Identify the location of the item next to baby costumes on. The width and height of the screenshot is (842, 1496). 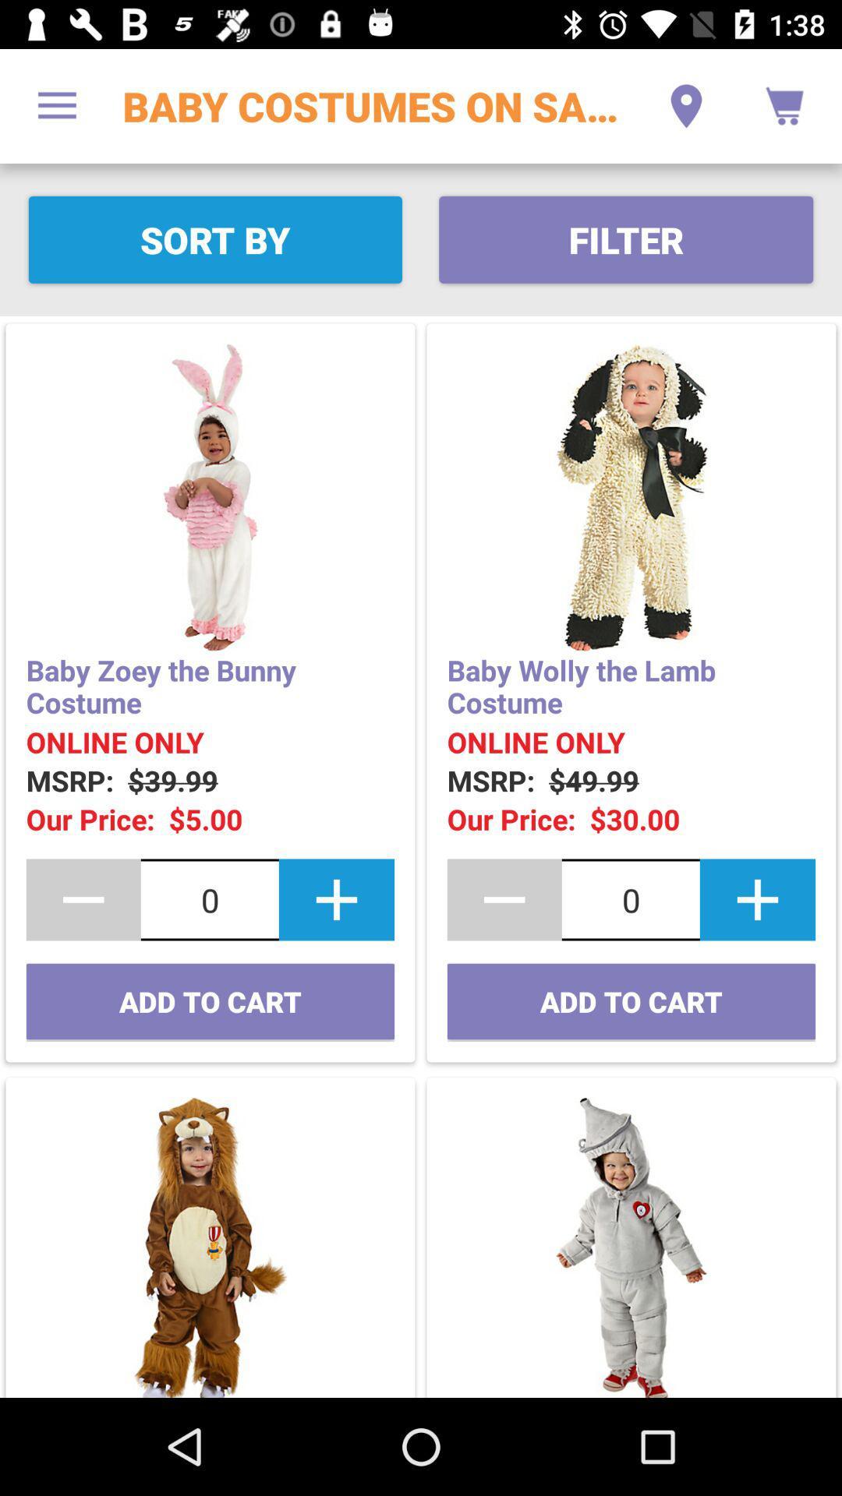
(56, 105).